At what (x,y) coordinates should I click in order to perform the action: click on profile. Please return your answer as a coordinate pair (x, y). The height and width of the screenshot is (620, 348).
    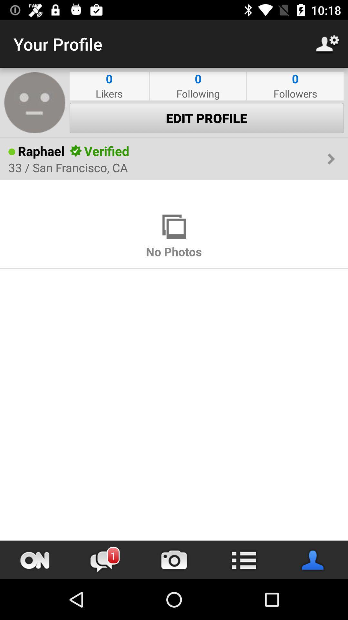
    Looking at the image, I should click on (313, 560).